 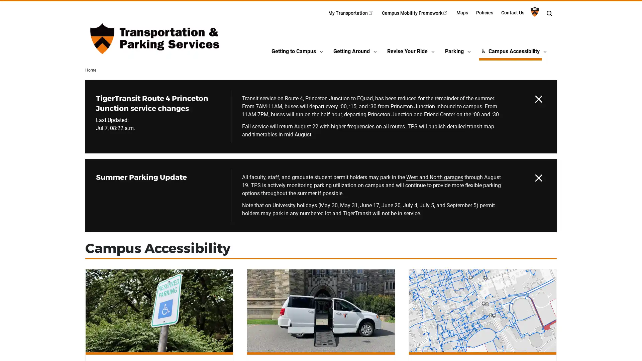 What do you see at coordinates (545, 51) in the screenshot?
I see `Campus AccessibilitySubmenu` at bounding box center [545, 51].